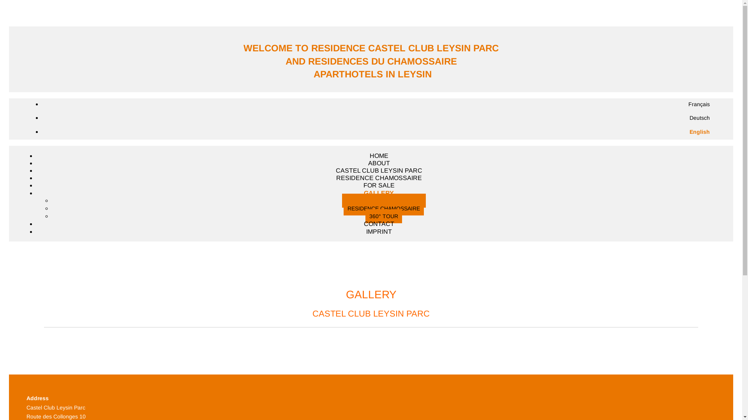  I want to click on 'RESIDENCE CHAMOSSAIRE', so click(383, 208).